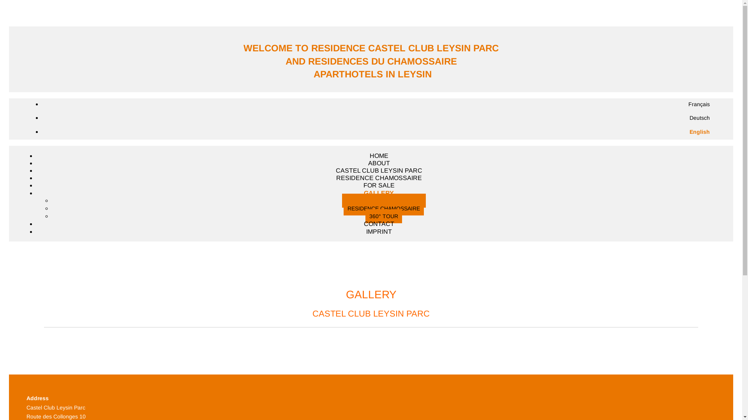  I want to click on 'RESIDENCE CHAMOSSAIRE', so click(383, 208).